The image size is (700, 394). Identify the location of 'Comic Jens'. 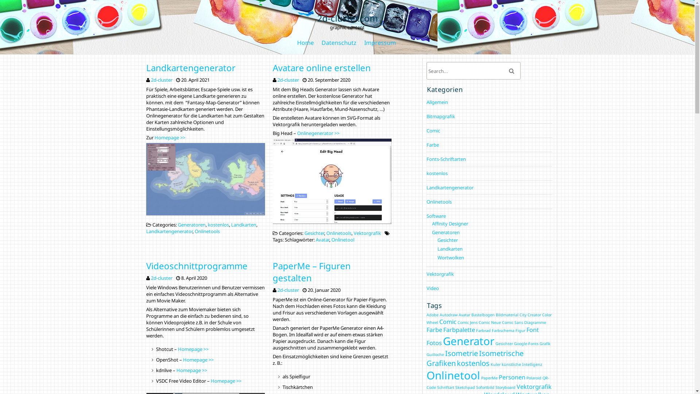
(467, 322).